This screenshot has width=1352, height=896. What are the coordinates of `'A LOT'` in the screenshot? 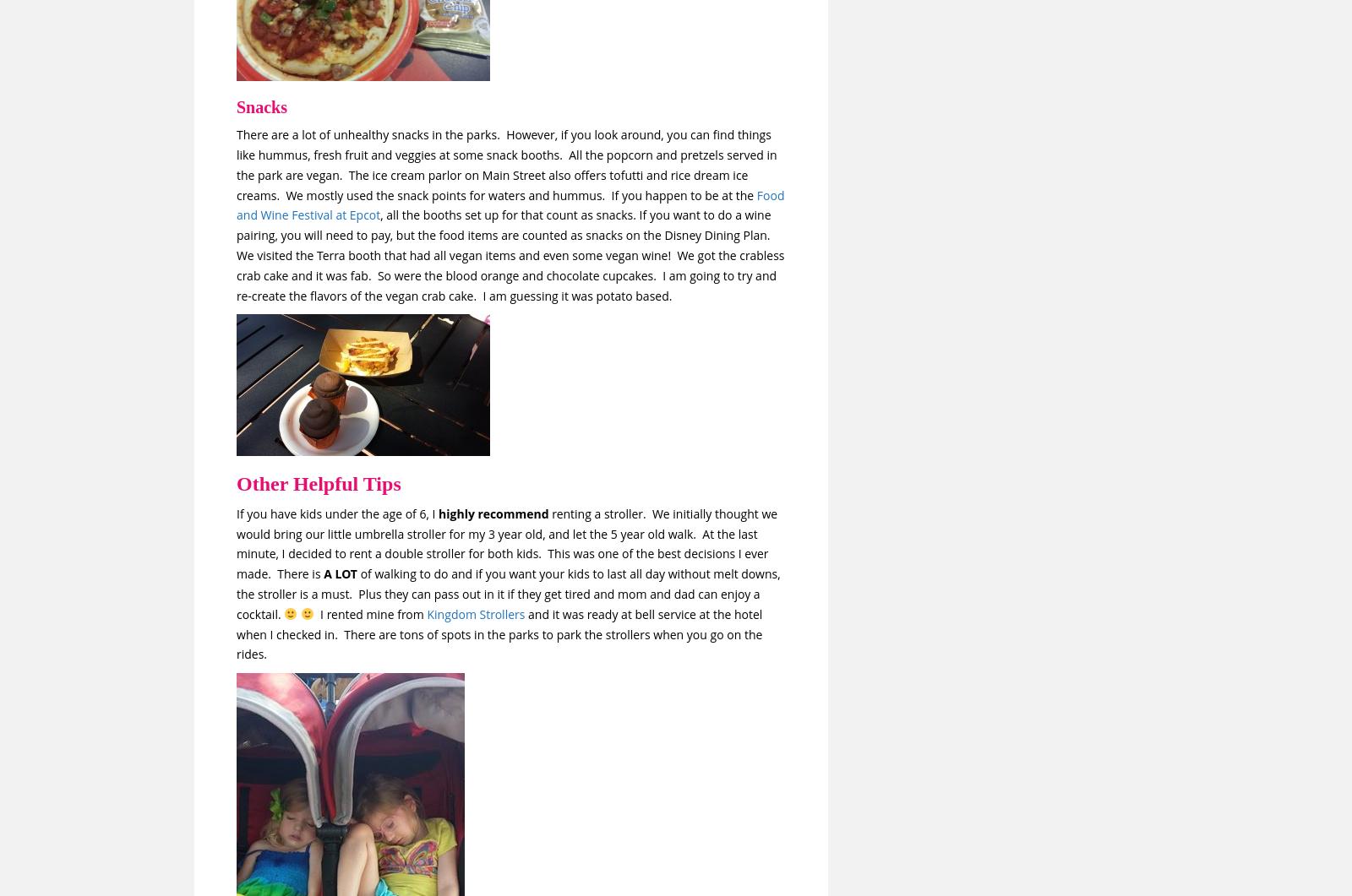 It's located at (324, 573).